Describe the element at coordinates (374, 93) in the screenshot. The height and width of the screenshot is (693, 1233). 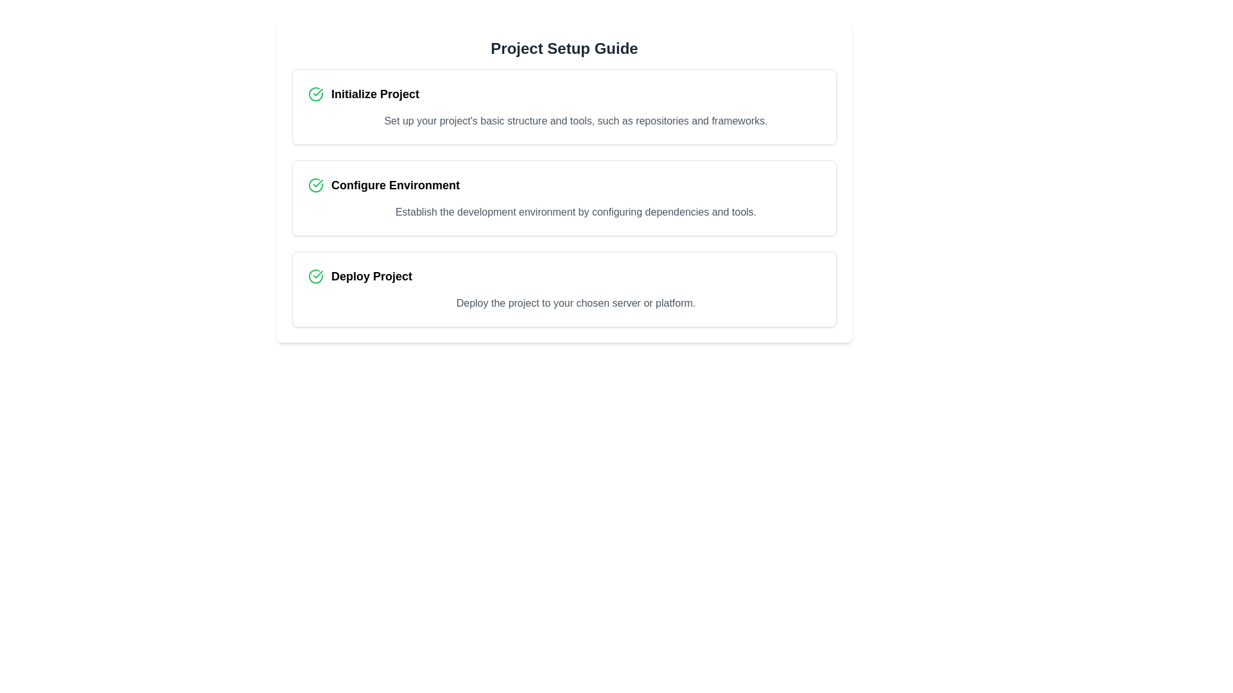
I see `the bold text label that reads 'Initialize Project', which is positioned to the right of a green checkmark icon at the top of a vertical list of project setup steps` at that location.